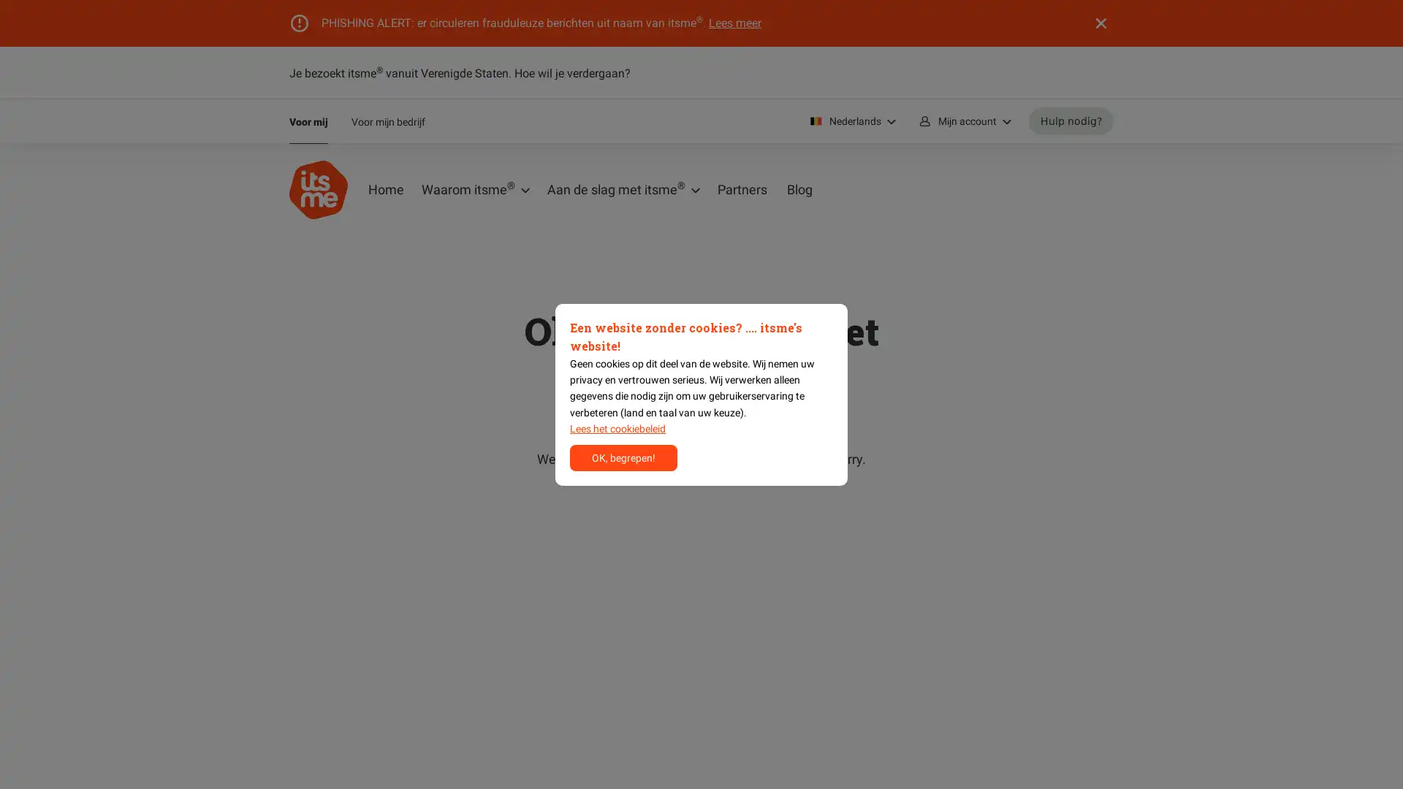  I want to click on Customize, so click(617, 427).